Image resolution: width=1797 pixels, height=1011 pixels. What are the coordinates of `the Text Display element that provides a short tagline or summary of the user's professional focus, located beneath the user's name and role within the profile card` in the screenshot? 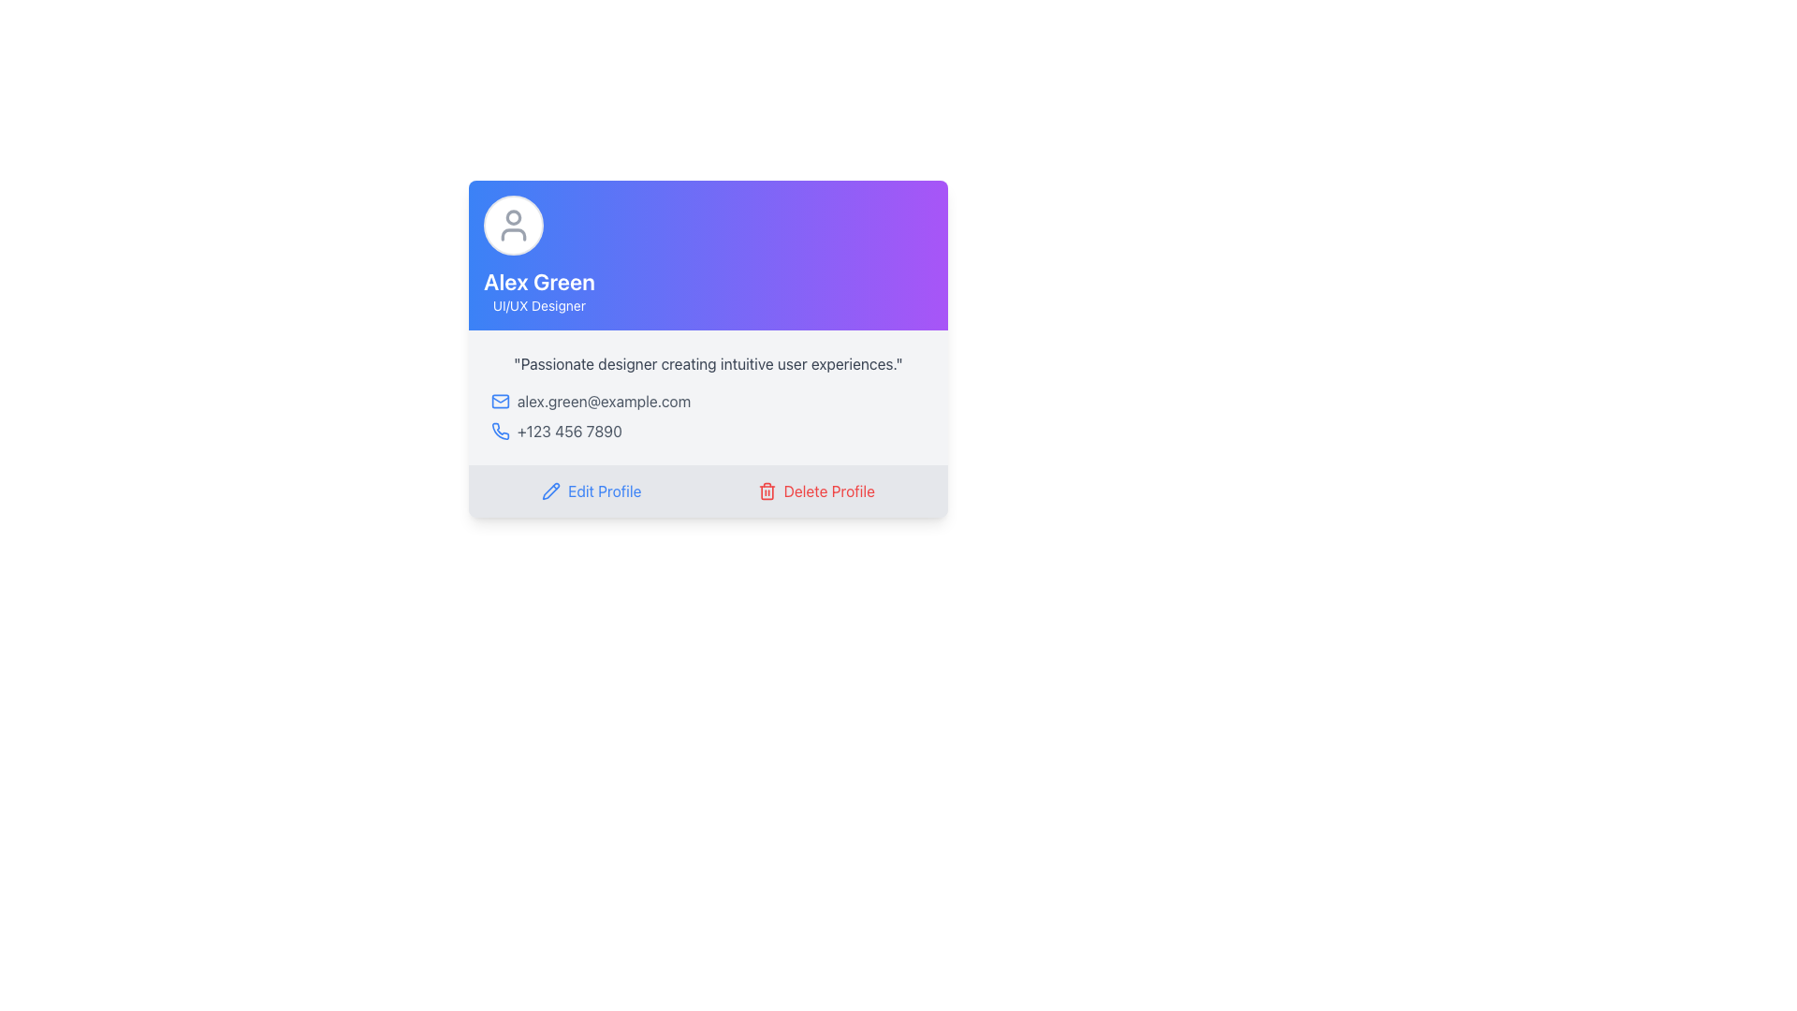 It's located at (708, 364).